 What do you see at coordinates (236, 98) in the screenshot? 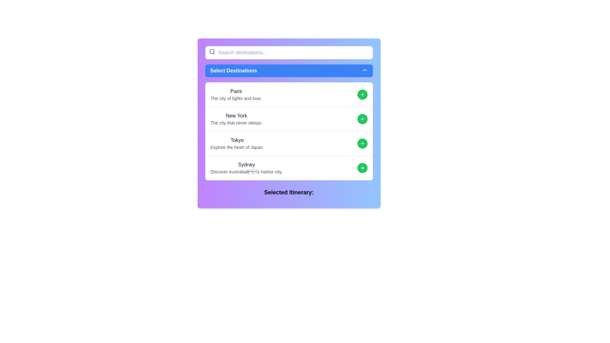
I see `the Text label located directly beneath the 'Paris' text in the first row of the list under the section header 'Select Destinations', which serves as a descriptive tagline for the destination` at bounding box center [236, 98].